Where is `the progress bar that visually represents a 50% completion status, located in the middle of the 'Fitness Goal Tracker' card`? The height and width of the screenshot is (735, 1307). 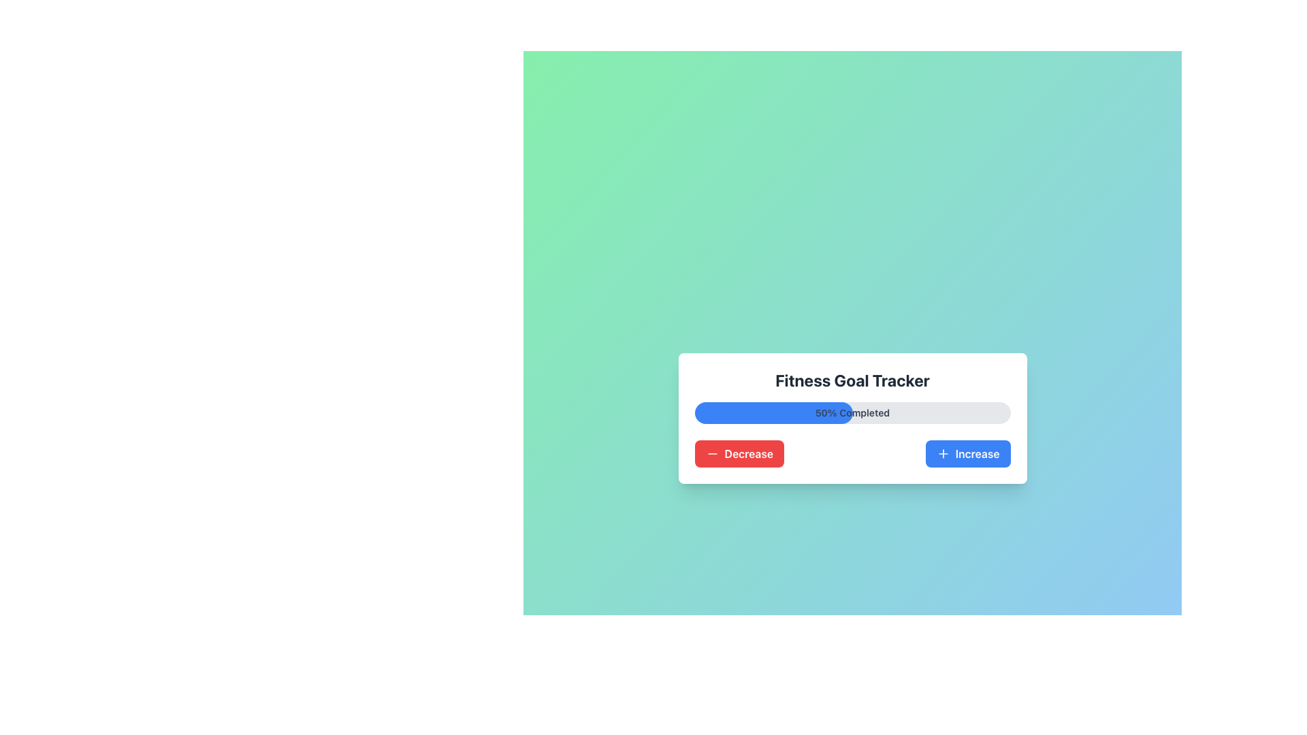 the progress bar that visually represents a 50% completion status, located in the middle of the 'Fitness Goal Tracker' card is located at coordinates (852, 412).